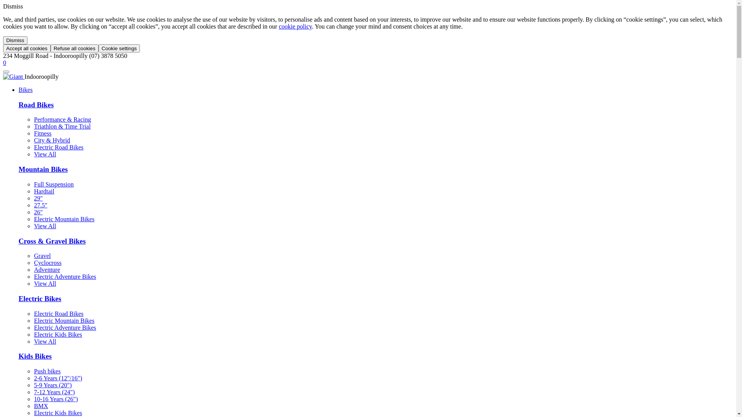 The image size is (742, 417). What do you see at coordinates (44, 226) in the screenshot?
I see `'View All'` at bounding box center [44, 226].